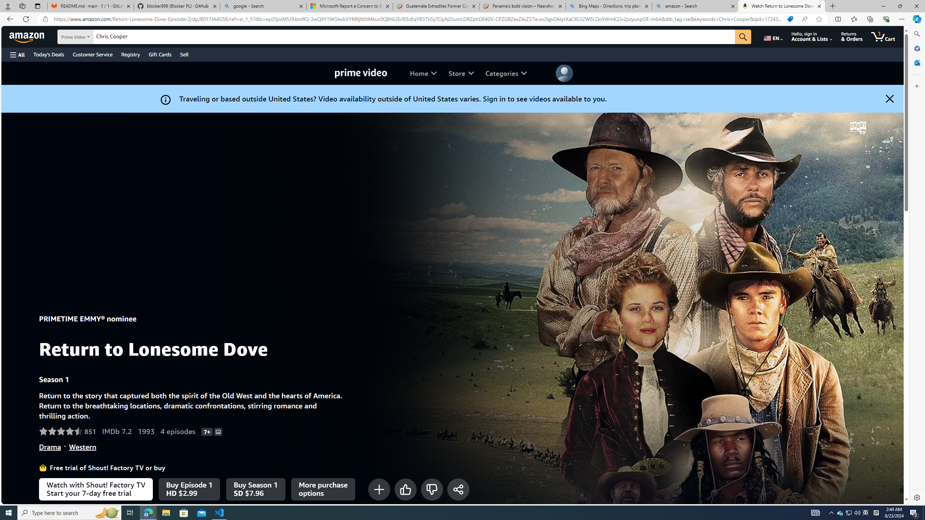  Describe the element at coordinates (458, 489) in the screenshot. I see `'Share'` at that location.